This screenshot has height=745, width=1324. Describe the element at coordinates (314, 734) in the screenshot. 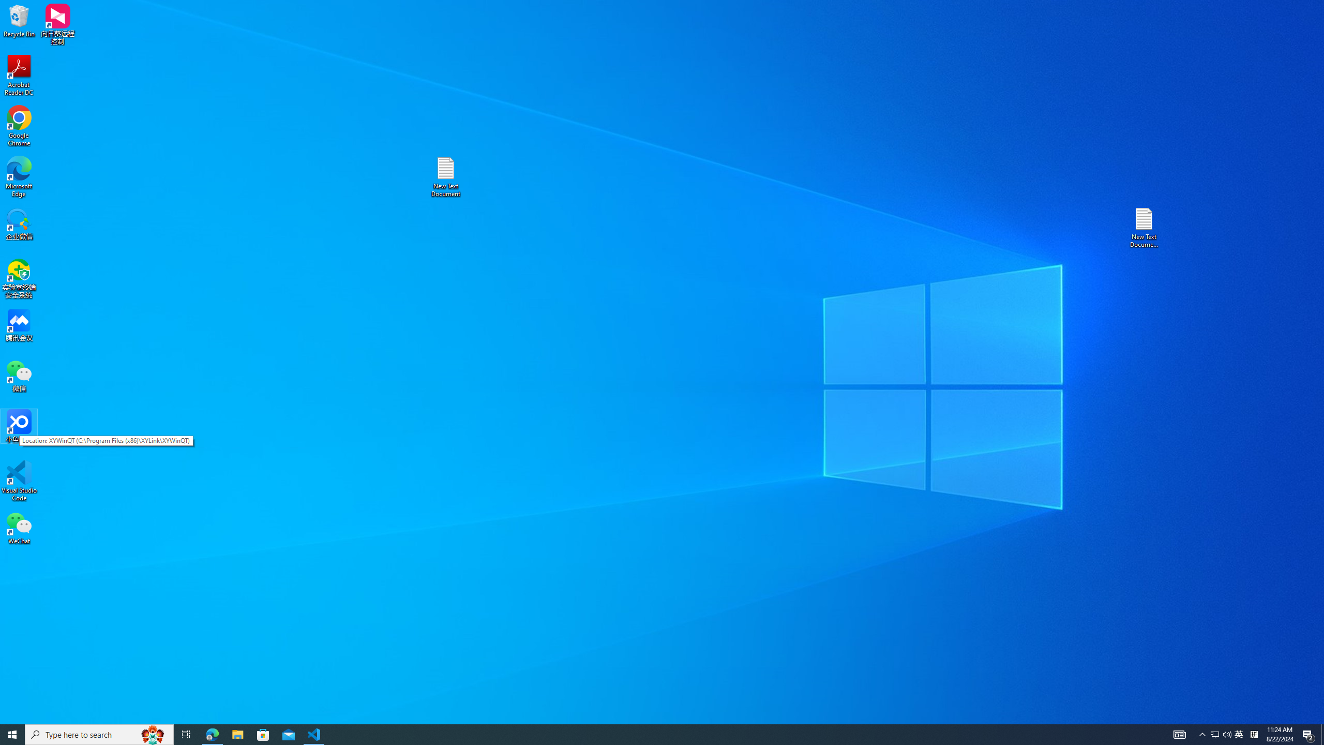

I see `'Visual Studio Code - 1 running window'` at that location.